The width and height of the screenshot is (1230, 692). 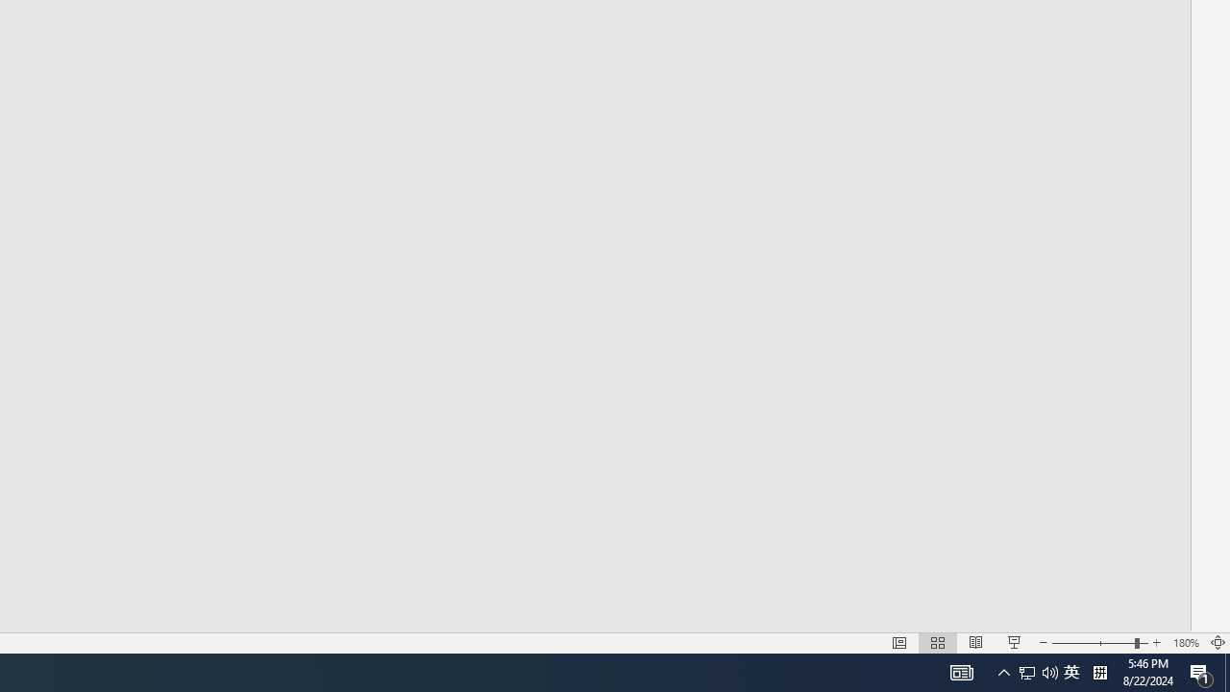 I want to click on 'Zoom', so click(x=1099, y=643).